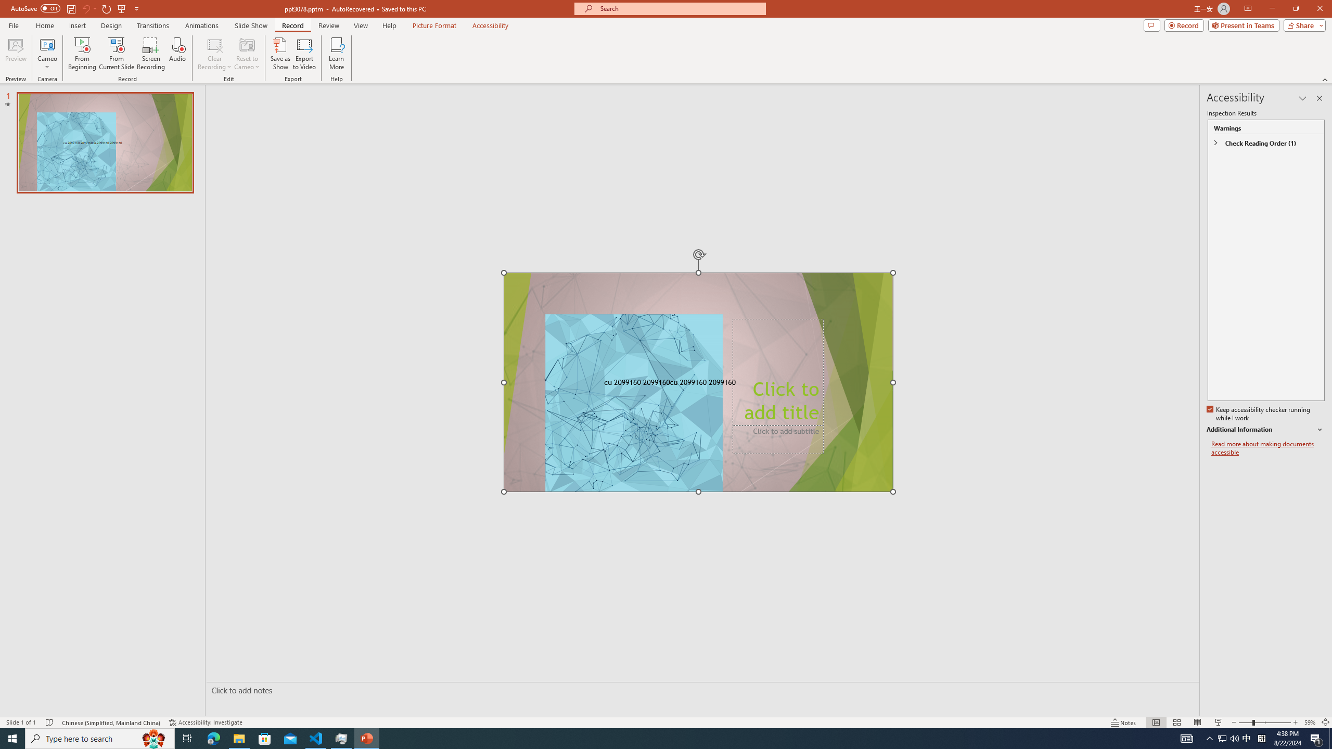 The width and height of the screenshot is (1332, 749). I want to click on 'Picture Format', so click(434, 25).